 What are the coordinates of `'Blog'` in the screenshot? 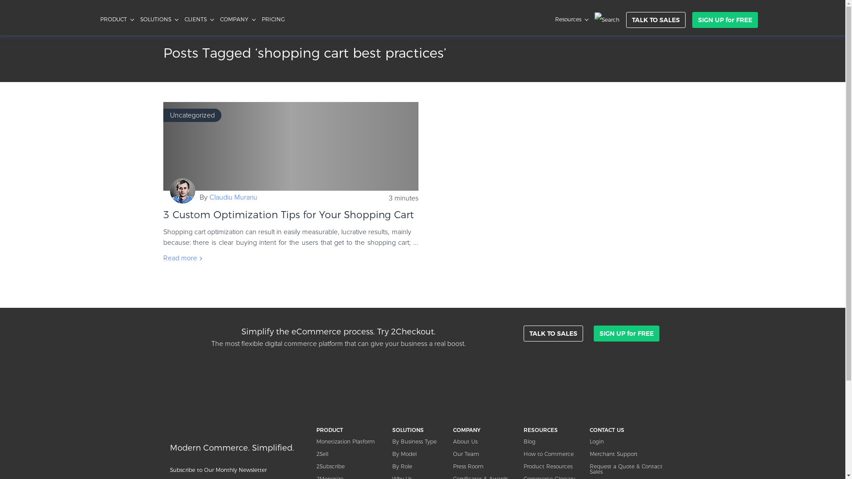 It's located at (551, 441).